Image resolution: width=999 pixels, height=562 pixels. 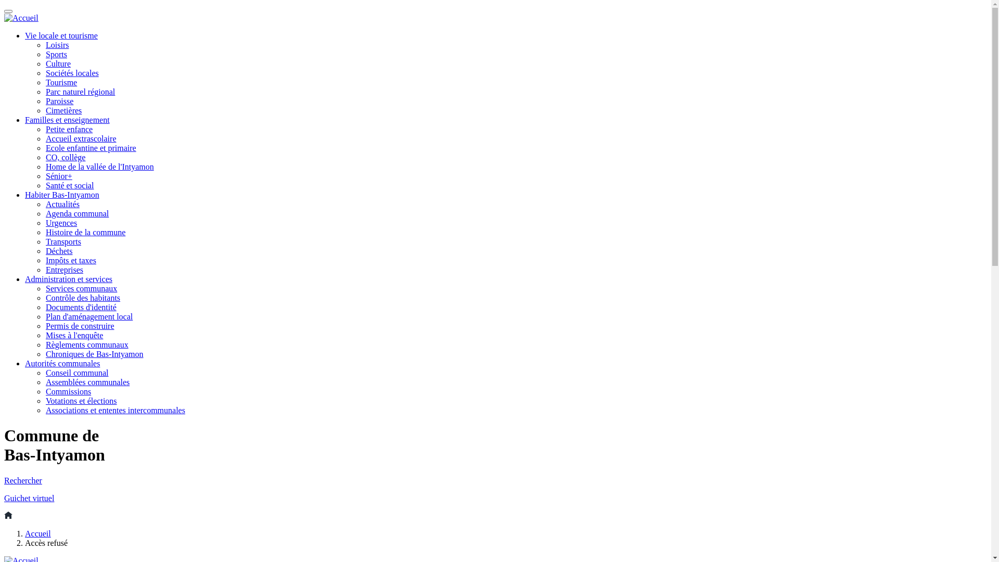 I want to click on 'Histoire de la commune', so click(x=85, y=232).